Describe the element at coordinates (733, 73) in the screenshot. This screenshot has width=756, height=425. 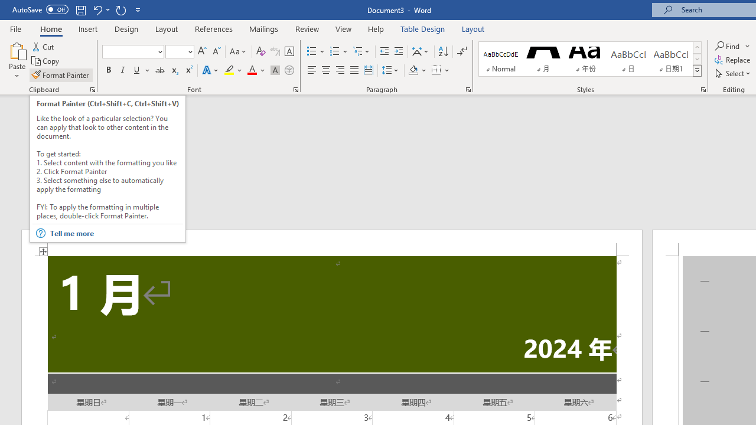
I see `'Select'` at that location.